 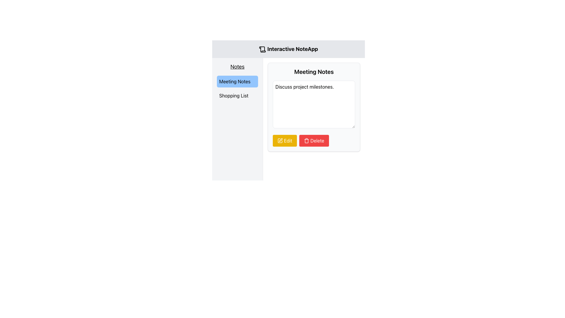 I want to click on the 'Edit' button located in the right-side panel under 'Meeting Notes', so click(x=280, y=141).